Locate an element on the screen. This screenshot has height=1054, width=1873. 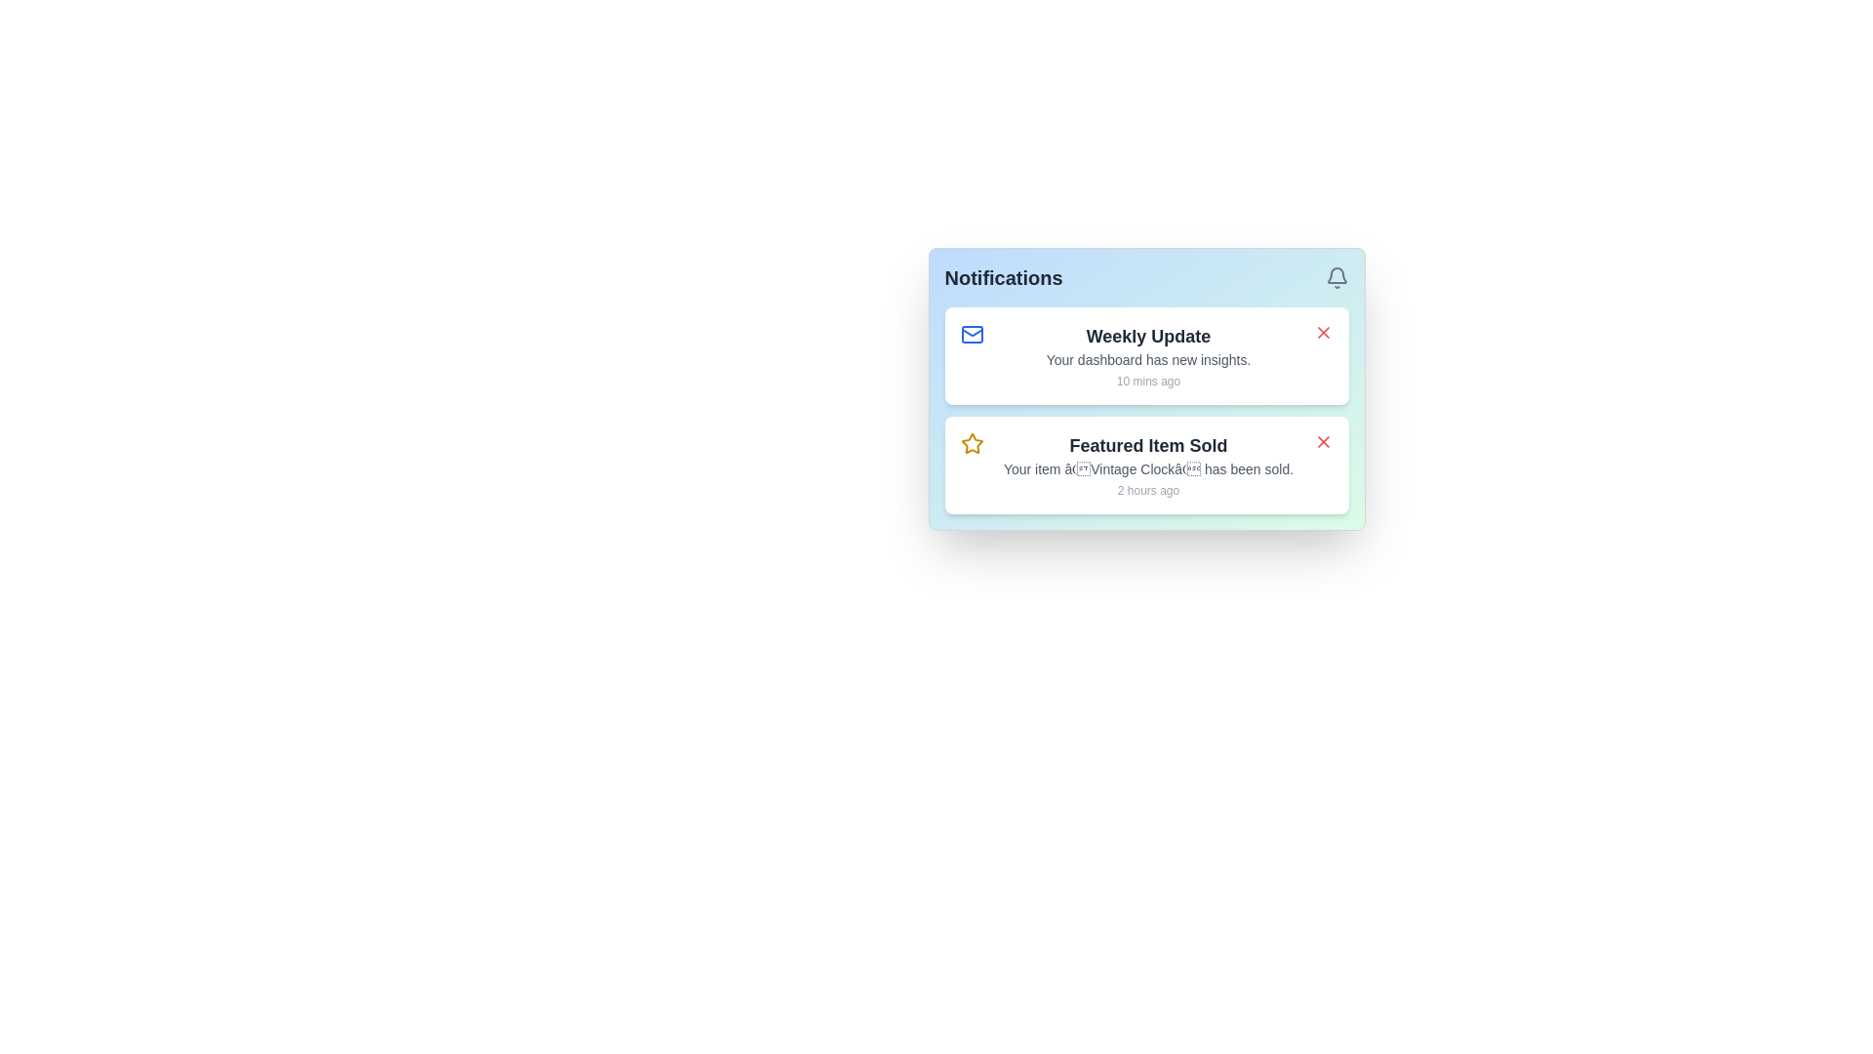
the Text Label that reads 'Your dashboard has new insights.', located beneath 'Weekly Update' and above '10 mins ago' is located at coordinates (1148, 360).